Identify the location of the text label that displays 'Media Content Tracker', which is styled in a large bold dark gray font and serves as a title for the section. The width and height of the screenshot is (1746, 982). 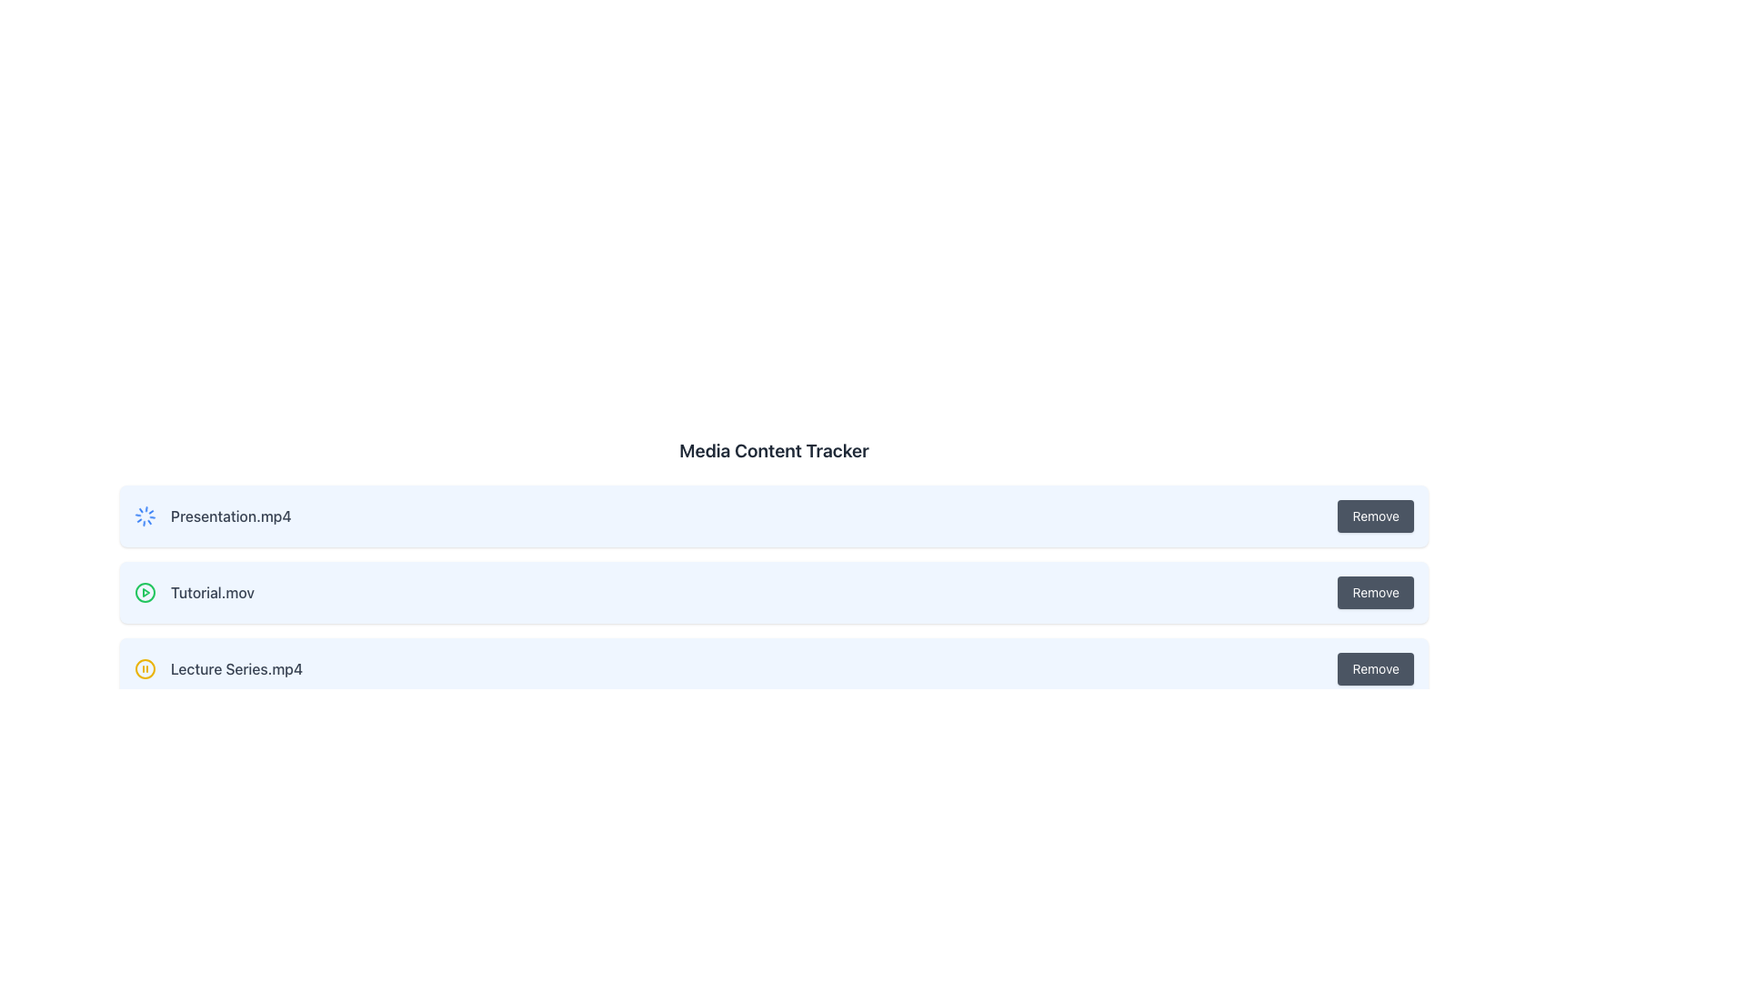
(774, 450).